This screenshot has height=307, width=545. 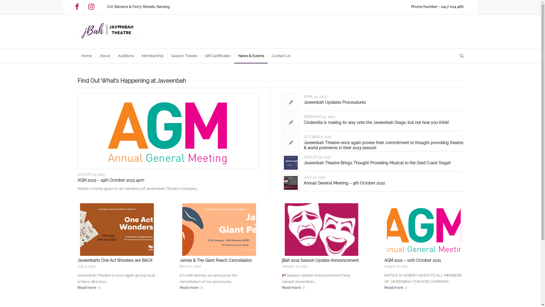 What do you see at coordinates (280, 56) in the screenshot?
I see `'Contact Us'` at bounding box center [280, 56].